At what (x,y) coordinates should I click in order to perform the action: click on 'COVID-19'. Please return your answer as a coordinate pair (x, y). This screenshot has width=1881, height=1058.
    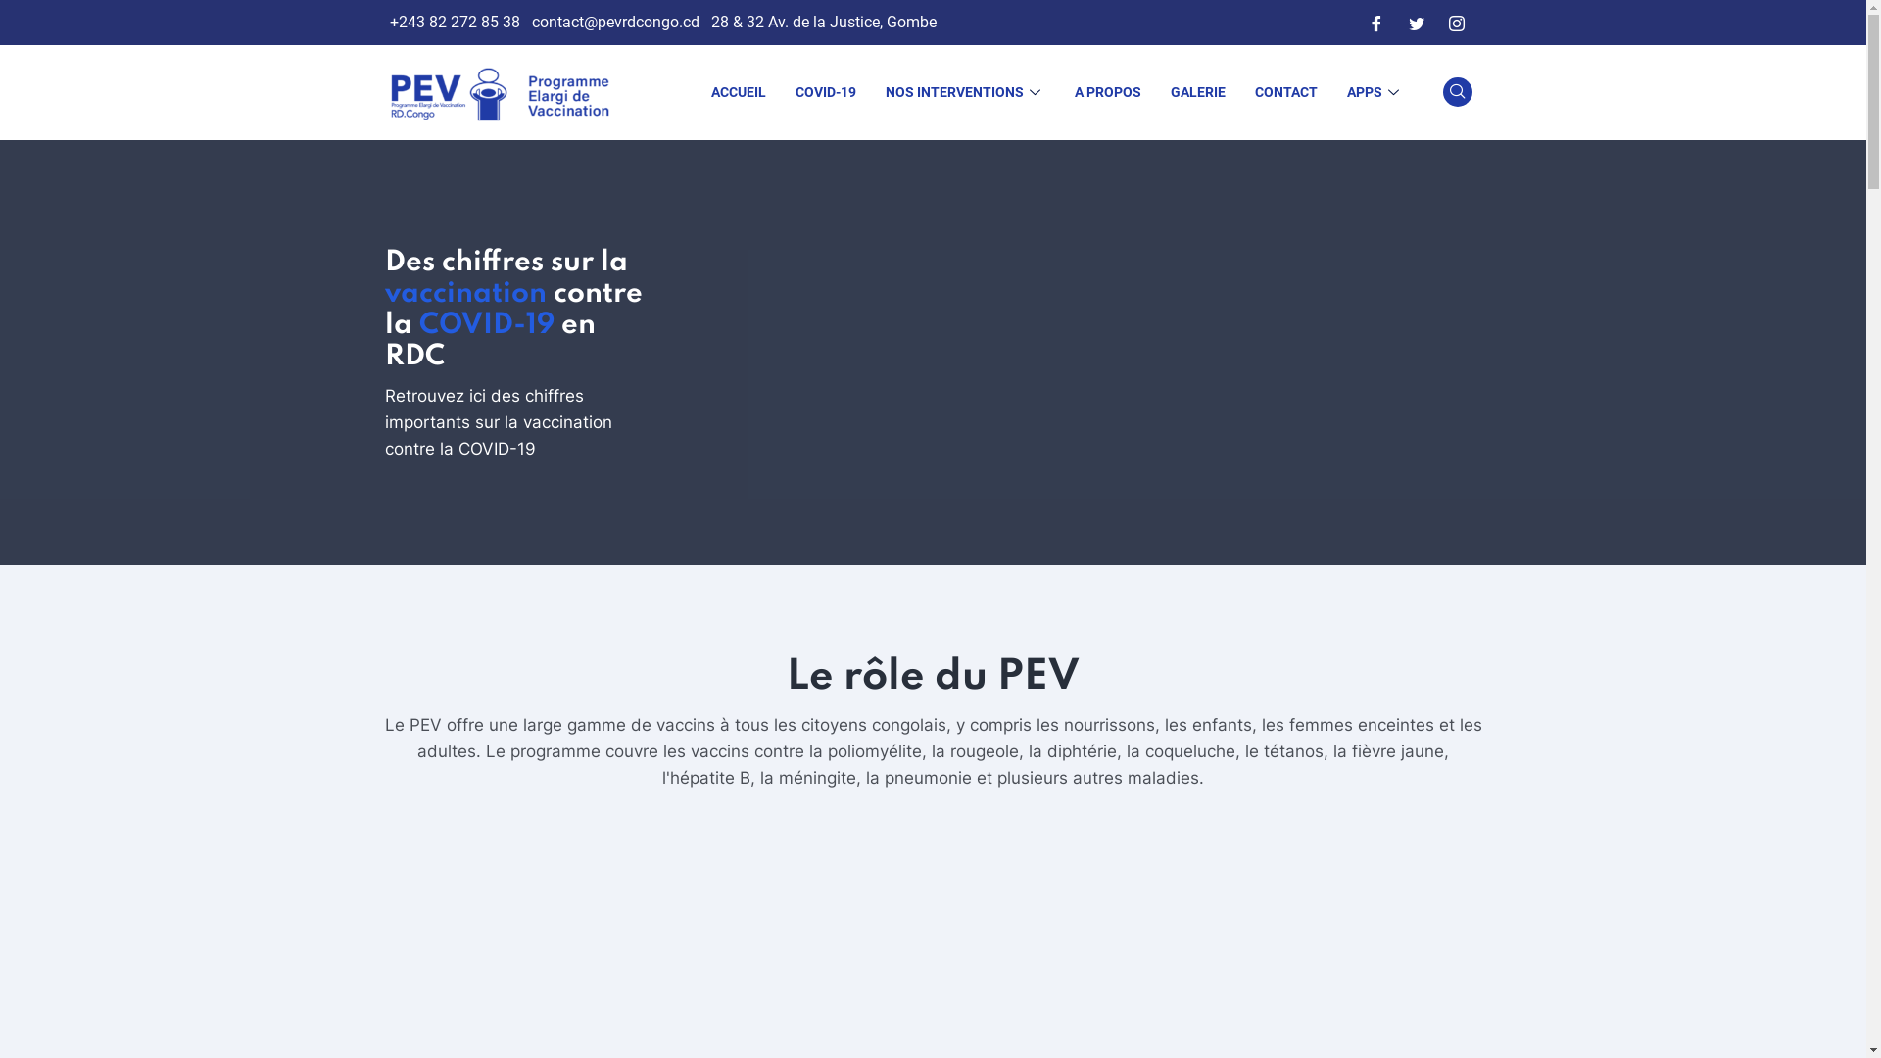
    Looking at the image, I should click on (824, 91).